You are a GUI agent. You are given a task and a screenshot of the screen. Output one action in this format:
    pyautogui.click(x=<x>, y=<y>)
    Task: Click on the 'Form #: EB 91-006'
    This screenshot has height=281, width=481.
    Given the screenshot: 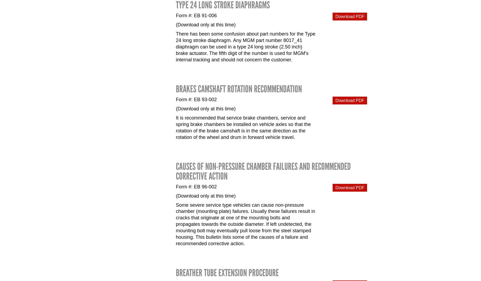 What is the action you would take?
    pyautogui.click(x=176, y=15)
    